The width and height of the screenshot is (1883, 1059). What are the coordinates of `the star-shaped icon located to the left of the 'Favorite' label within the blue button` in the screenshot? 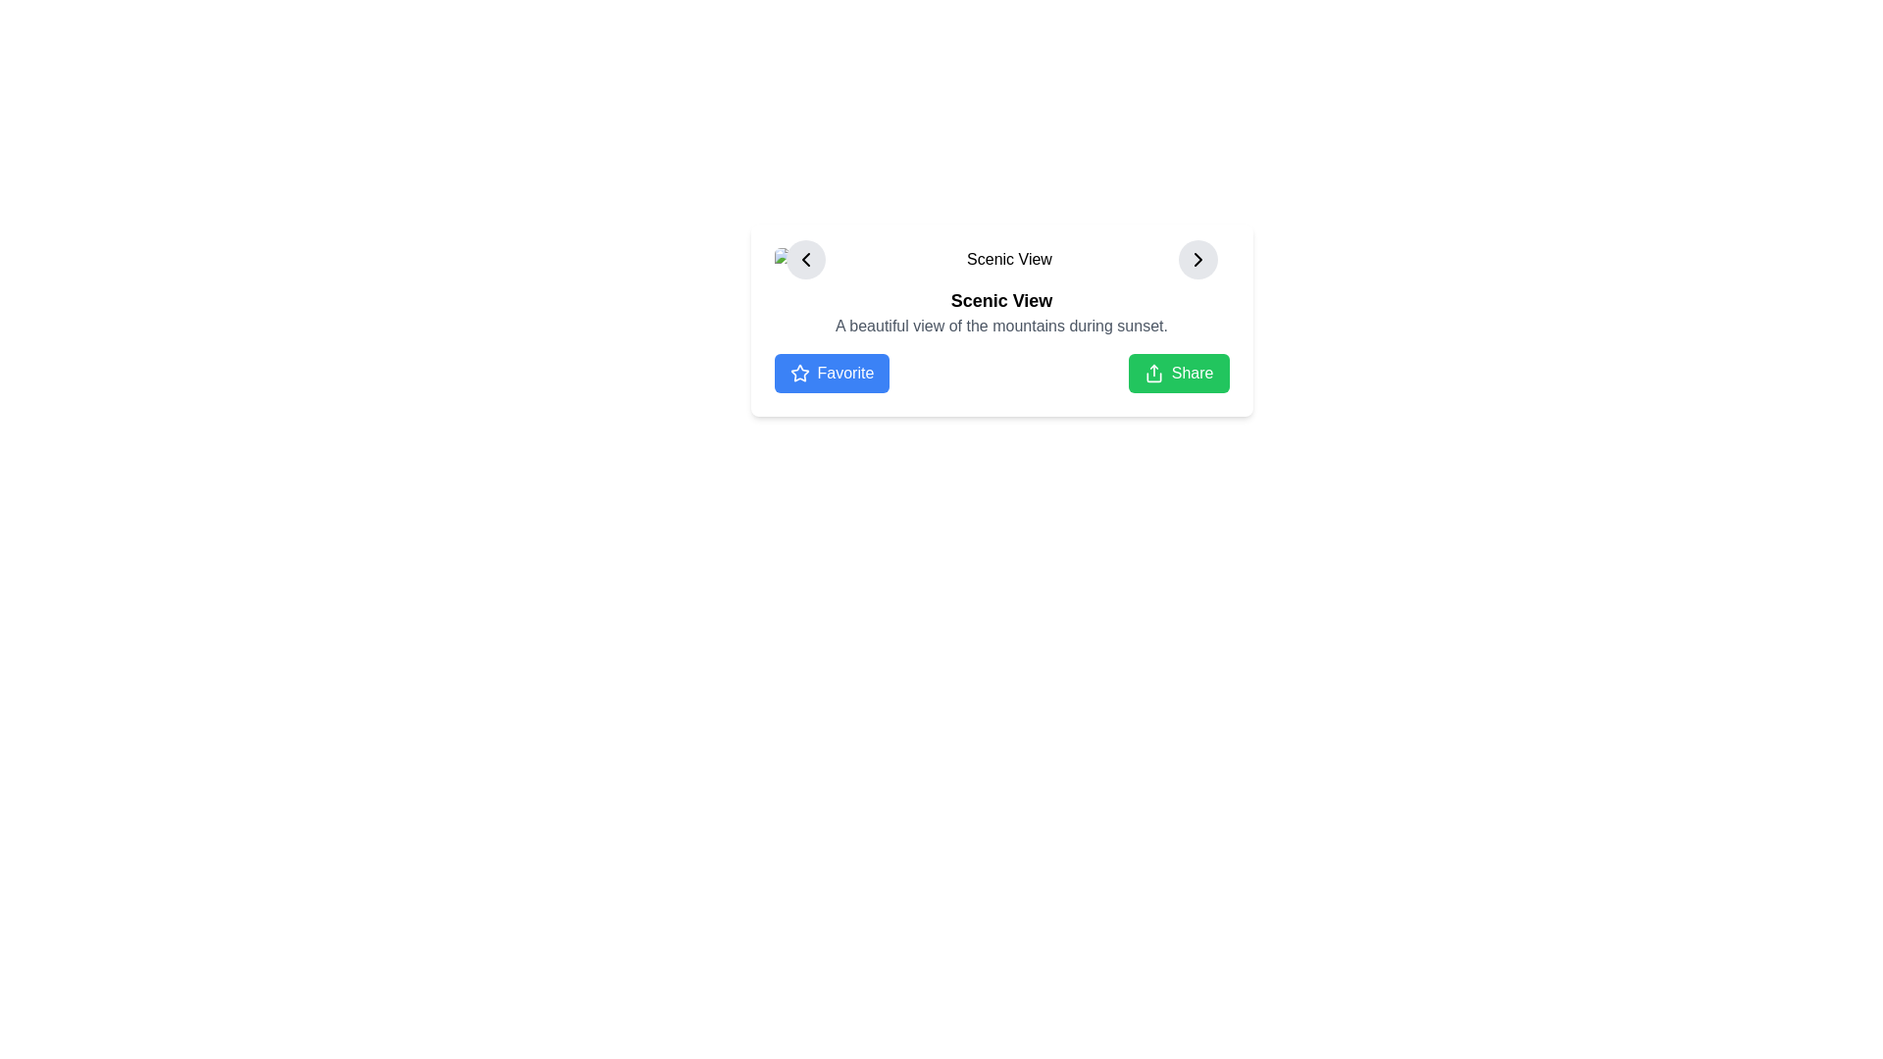 It's located at (799, 374).